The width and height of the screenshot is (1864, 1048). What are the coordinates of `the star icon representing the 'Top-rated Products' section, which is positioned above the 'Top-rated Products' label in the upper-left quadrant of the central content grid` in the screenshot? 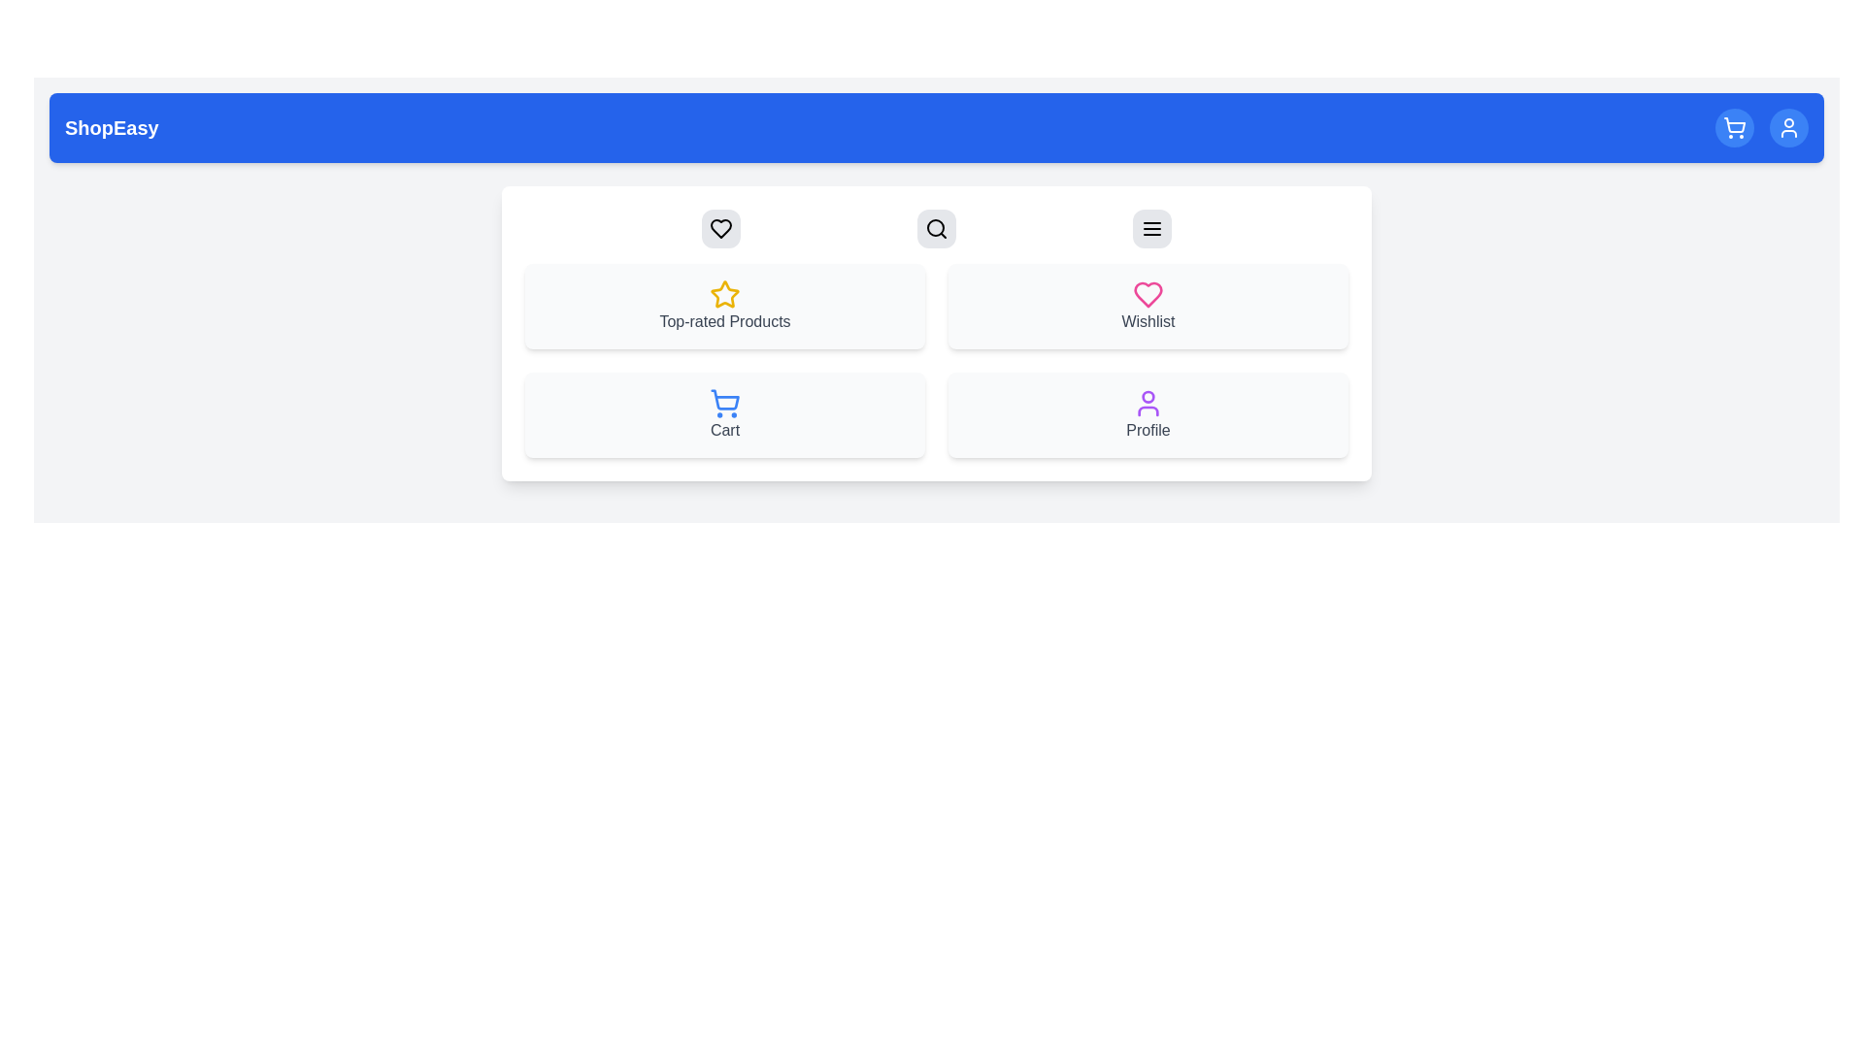 It's located at (724, 294).